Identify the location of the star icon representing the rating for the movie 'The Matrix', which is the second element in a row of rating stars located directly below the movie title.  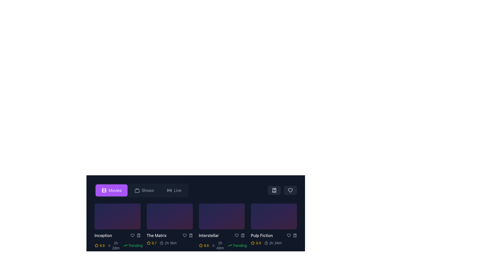
(148, 243).